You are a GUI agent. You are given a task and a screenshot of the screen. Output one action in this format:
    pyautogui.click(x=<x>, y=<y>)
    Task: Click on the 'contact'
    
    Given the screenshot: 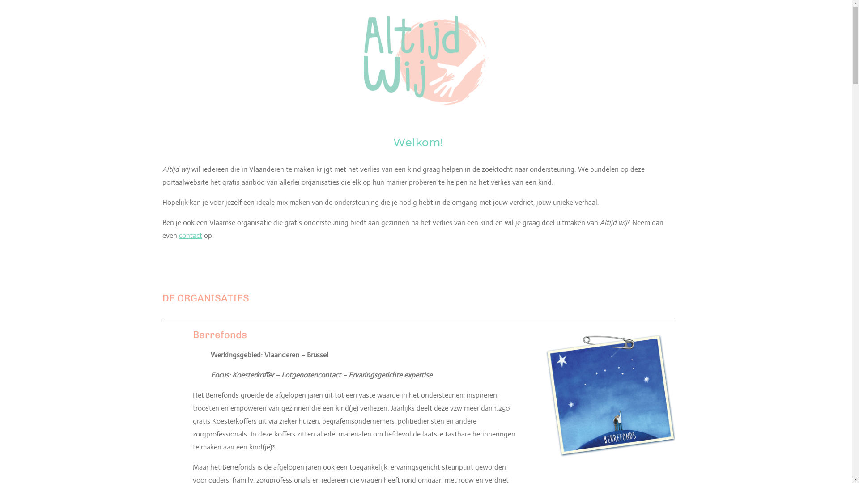 What is the action you would take?
    pyautogui.click(x=190, y=235)
    